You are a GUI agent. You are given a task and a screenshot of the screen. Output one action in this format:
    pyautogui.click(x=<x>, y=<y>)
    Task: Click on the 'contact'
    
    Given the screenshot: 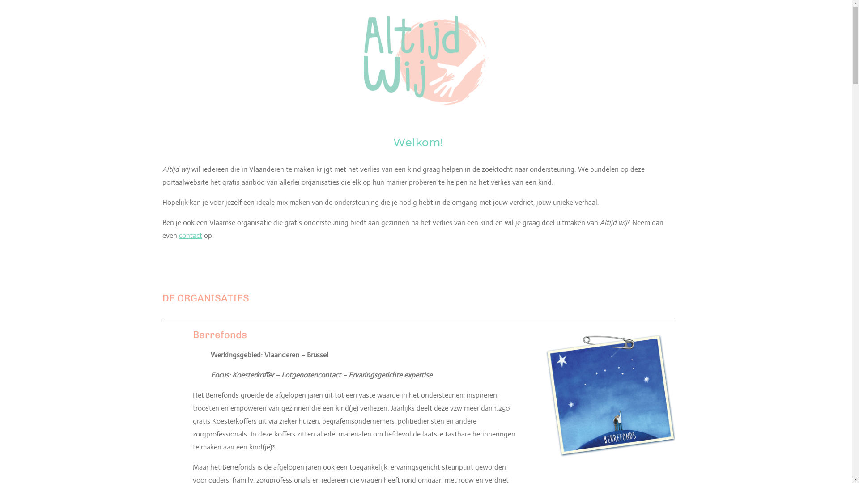 What is the action you would take?
    pyautogui.click(x=190, y=235)
    